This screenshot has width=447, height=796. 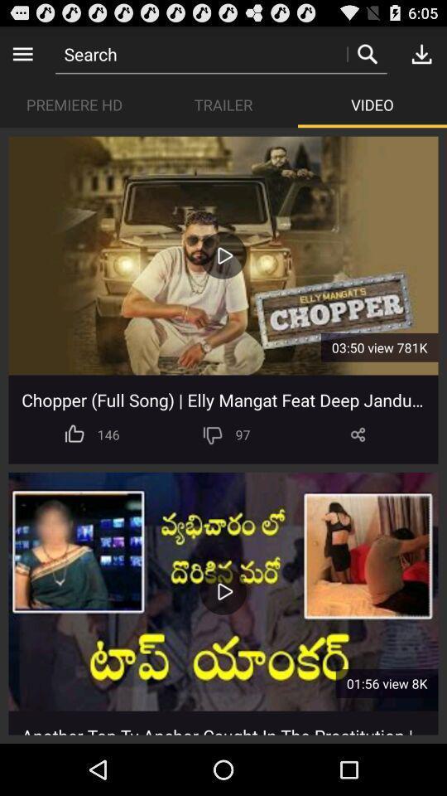 What do you see at coordinates (357, 434) in the screenshot?
I see `item next to the 97 icon` at bounding box center [357, 434].